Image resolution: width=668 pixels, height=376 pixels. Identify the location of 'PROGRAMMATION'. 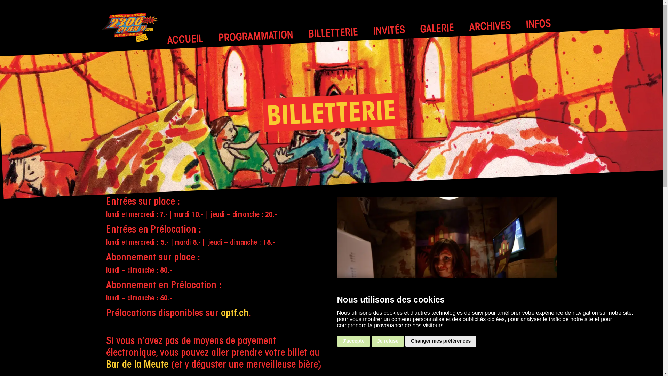
(255, 36).